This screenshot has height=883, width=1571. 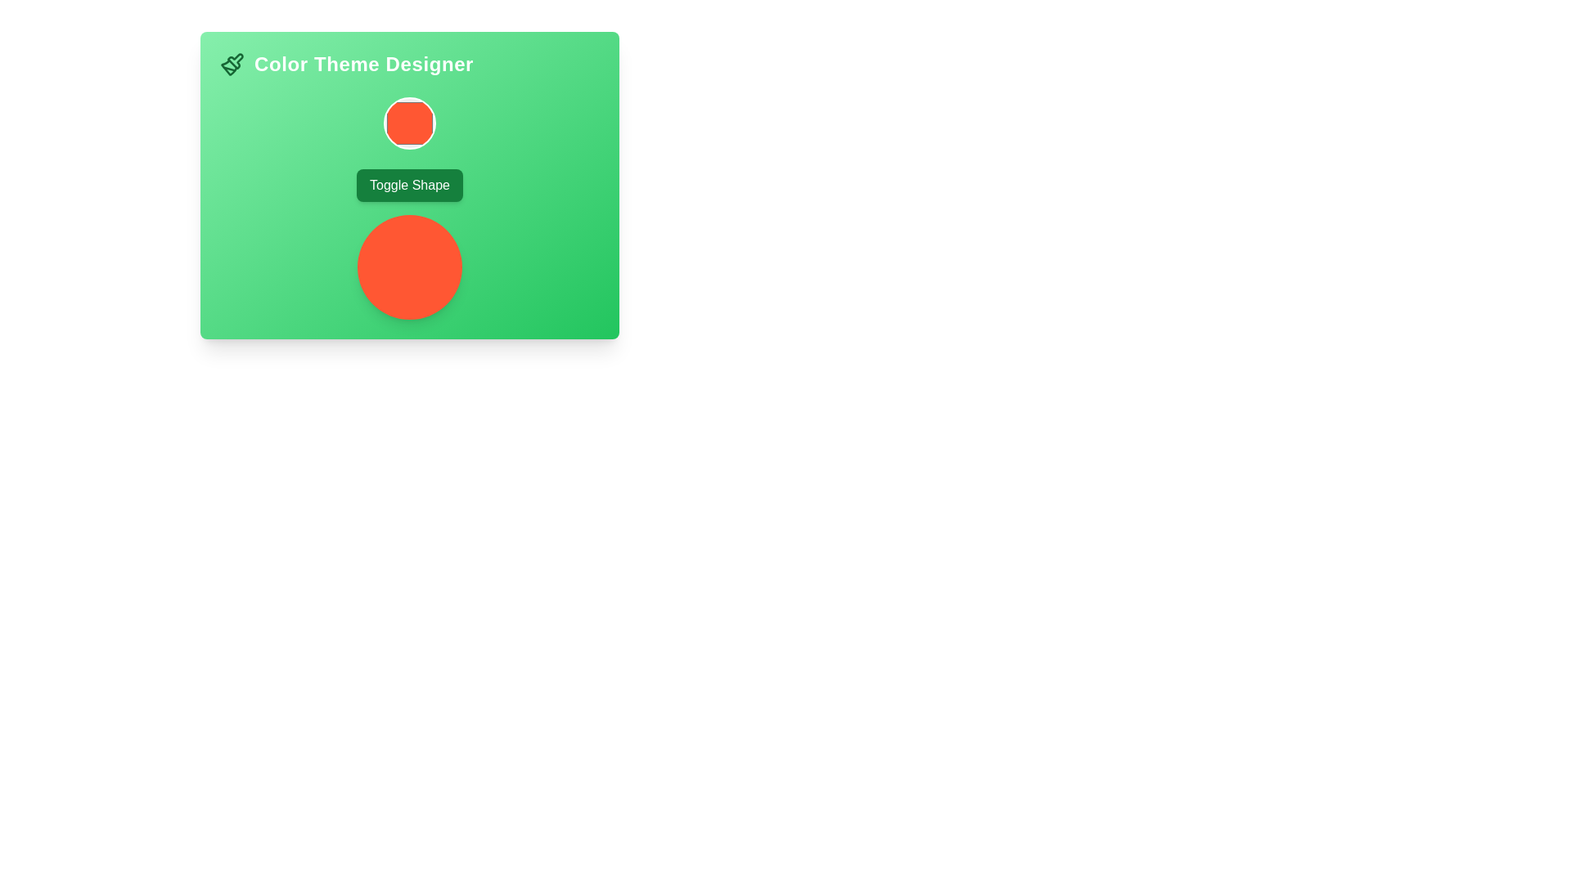 I want to click on the Interactive Color Button representing the orange color, so click(x=409, y=122).